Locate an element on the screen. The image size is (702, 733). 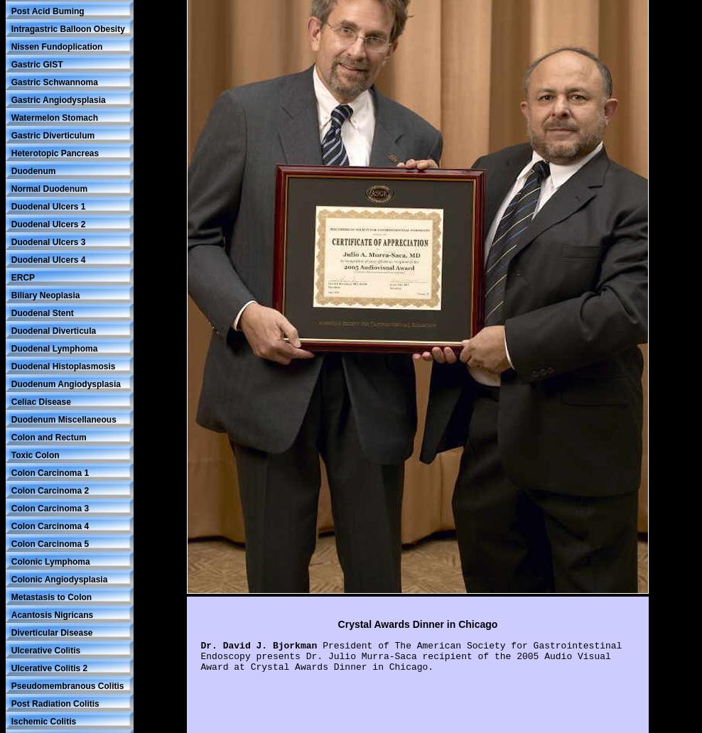
'Intragastric Balloon Obesity' is located at coordinates (67, 28).